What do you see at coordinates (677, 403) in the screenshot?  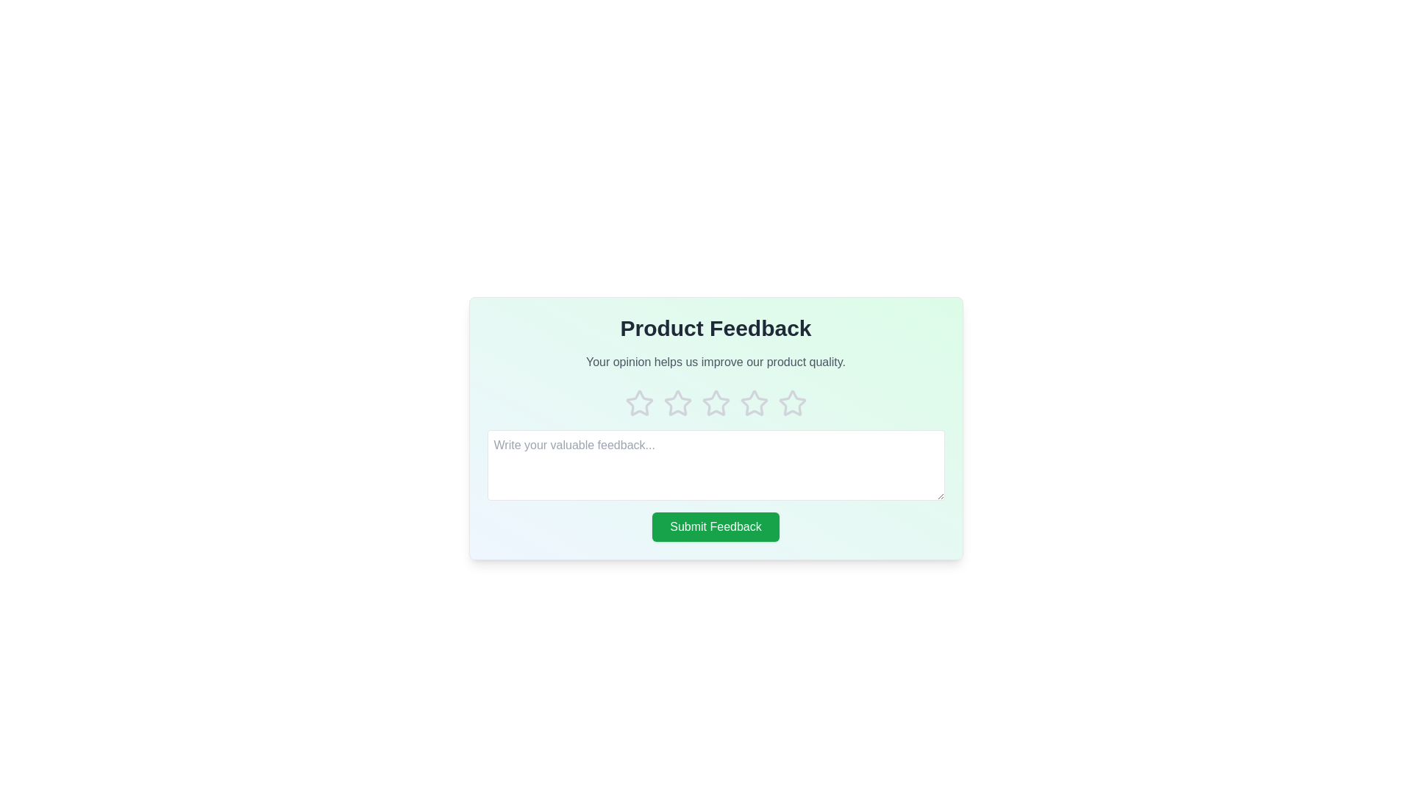 I see `the third star-shaped rating icon outlined with a gray stroke` at bounding box center [677, 403].